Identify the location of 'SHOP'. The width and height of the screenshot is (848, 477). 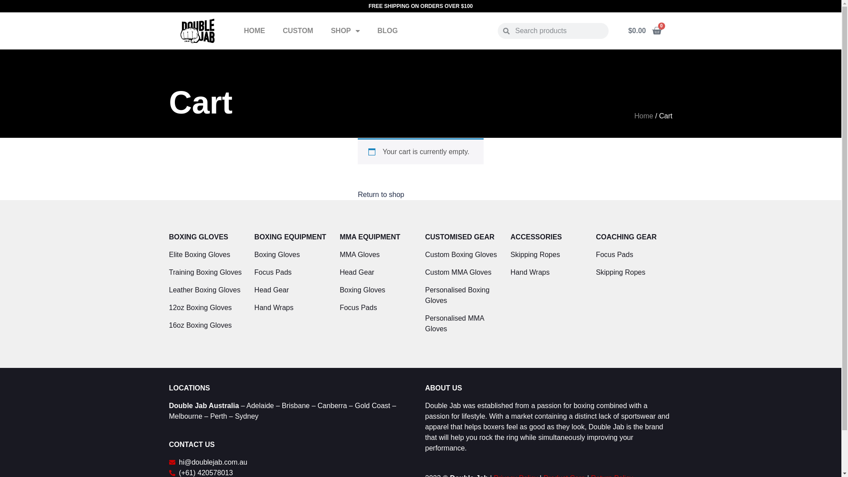
(322, 30).